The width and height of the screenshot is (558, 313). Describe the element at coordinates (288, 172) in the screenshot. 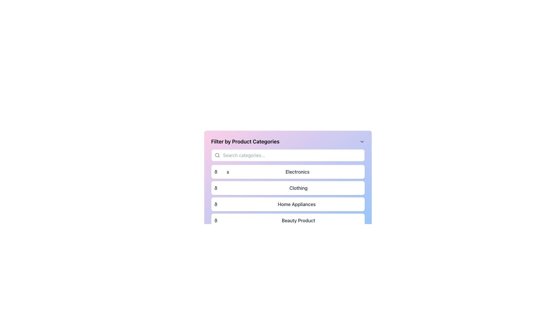

I see `the first selectable category option in the list to filter the content to show only electronic items` at that location.